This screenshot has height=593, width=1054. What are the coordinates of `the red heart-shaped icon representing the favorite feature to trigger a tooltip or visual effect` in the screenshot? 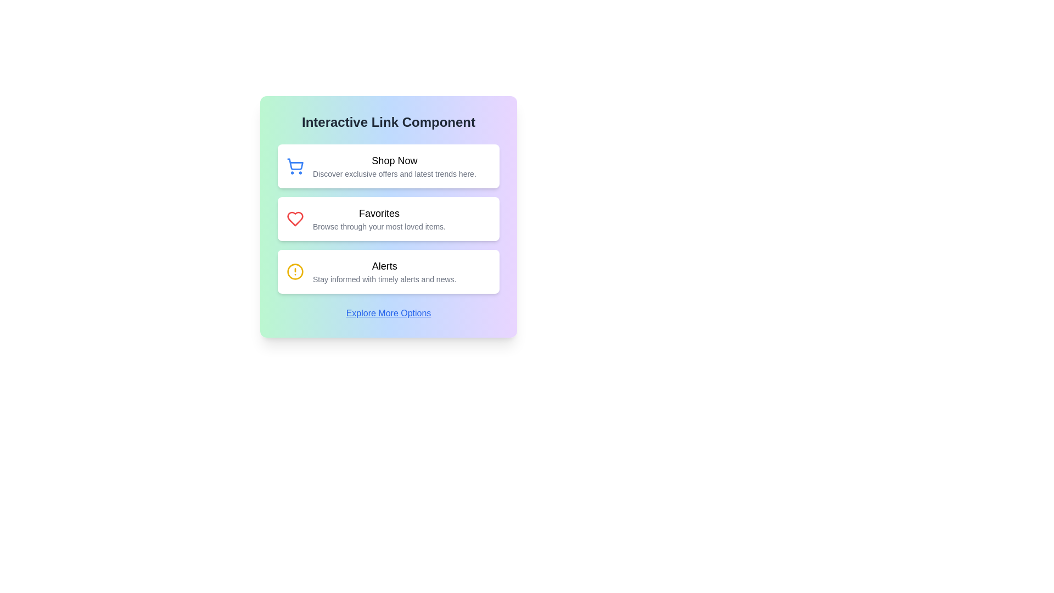 It's located at (295, 219).